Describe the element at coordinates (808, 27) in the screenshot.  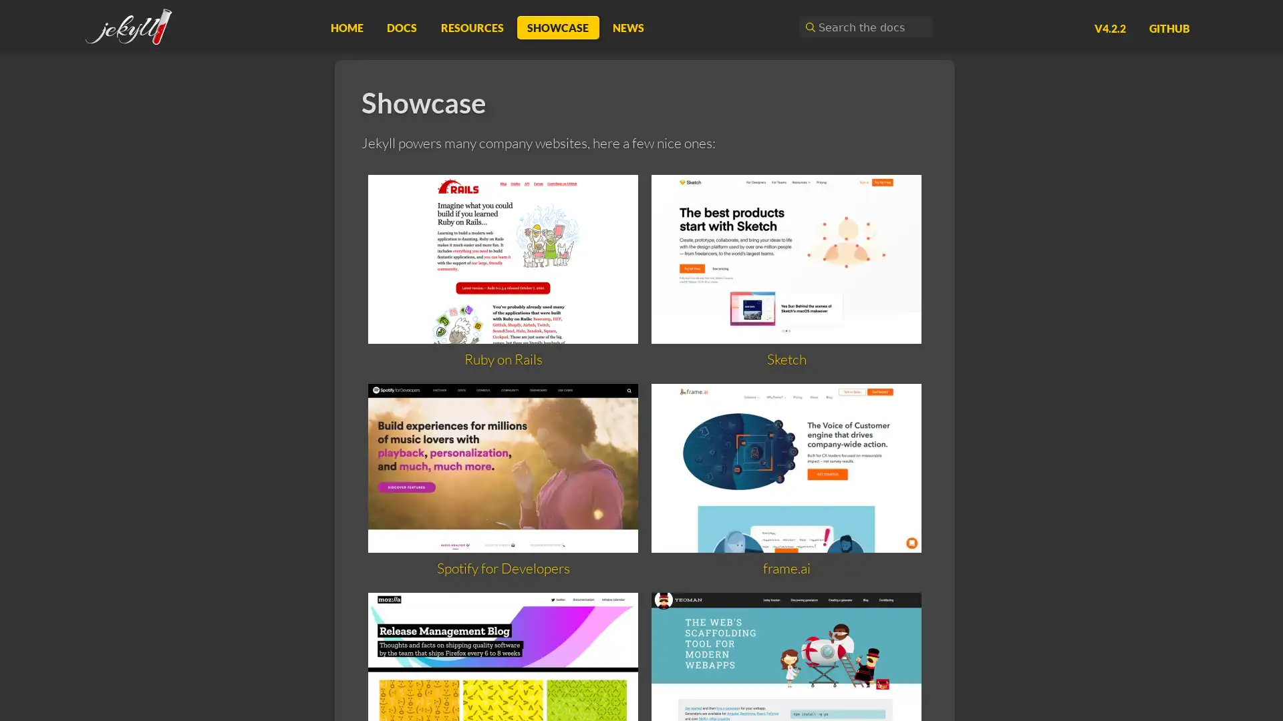
I see `Search` at that location.